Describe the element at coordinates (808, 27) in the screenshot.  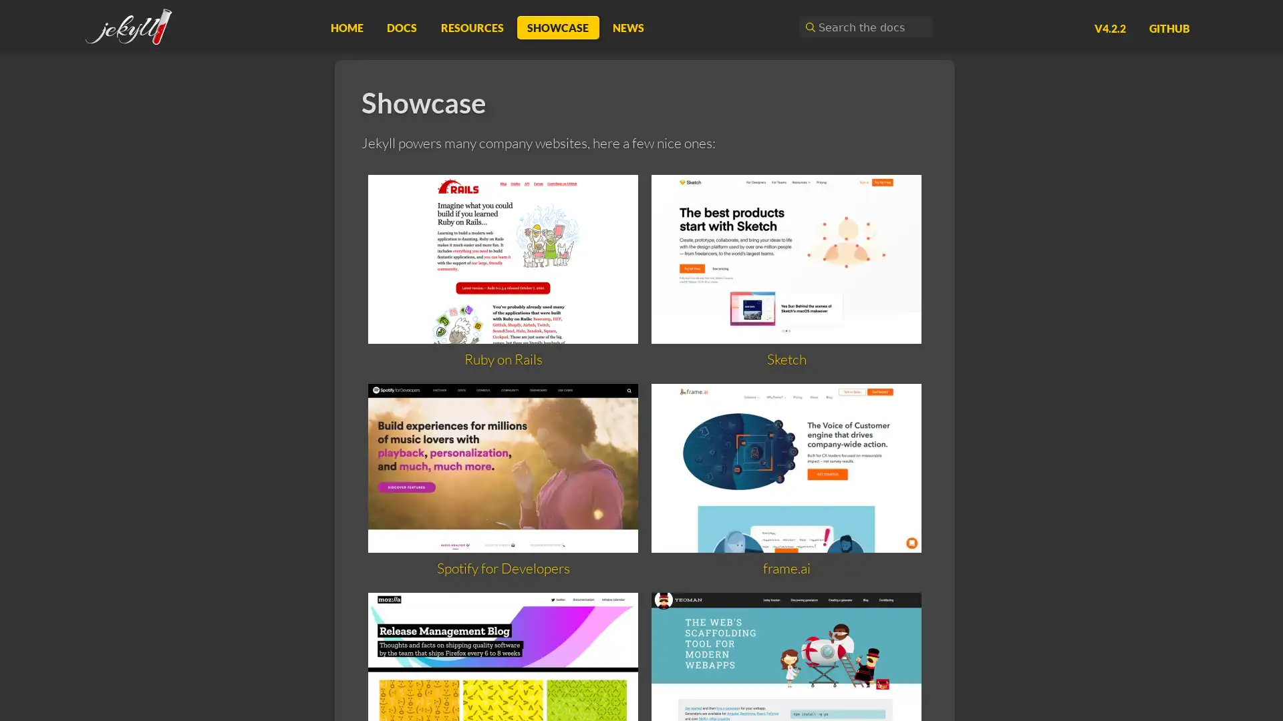
I see `Search` at that location.